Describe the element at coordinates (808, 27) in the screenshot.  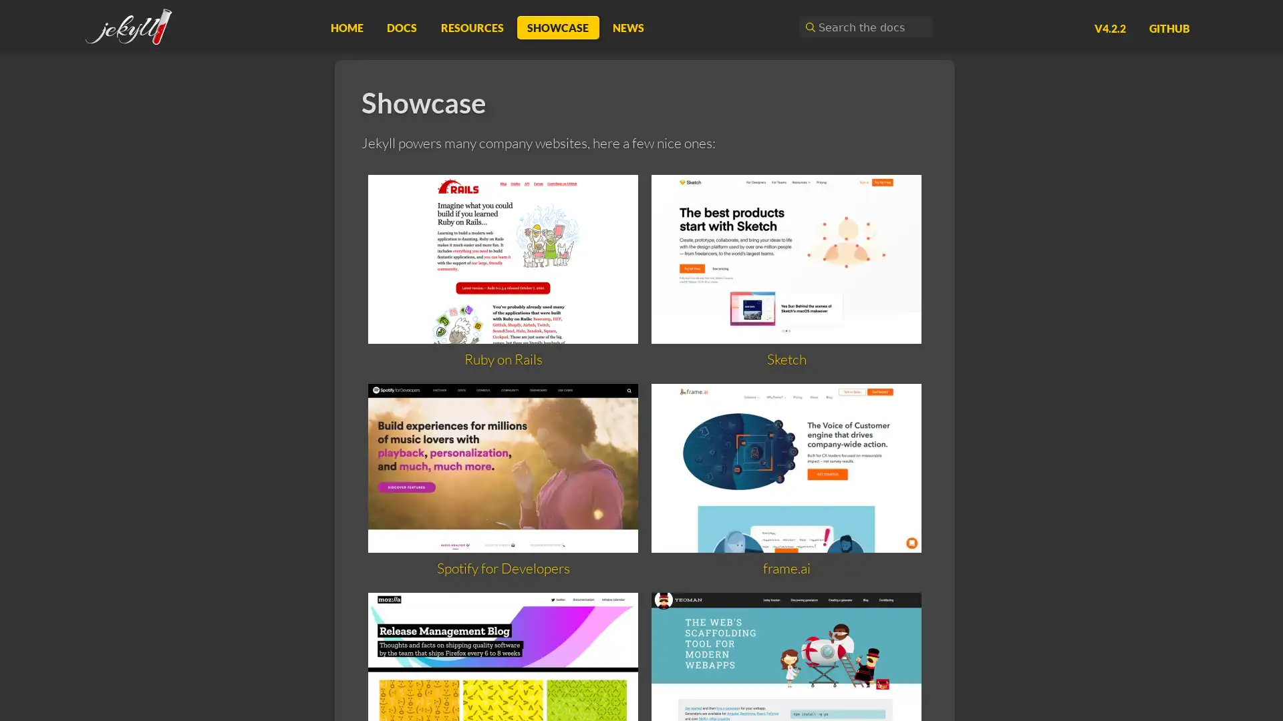
I see `Search` at that location.